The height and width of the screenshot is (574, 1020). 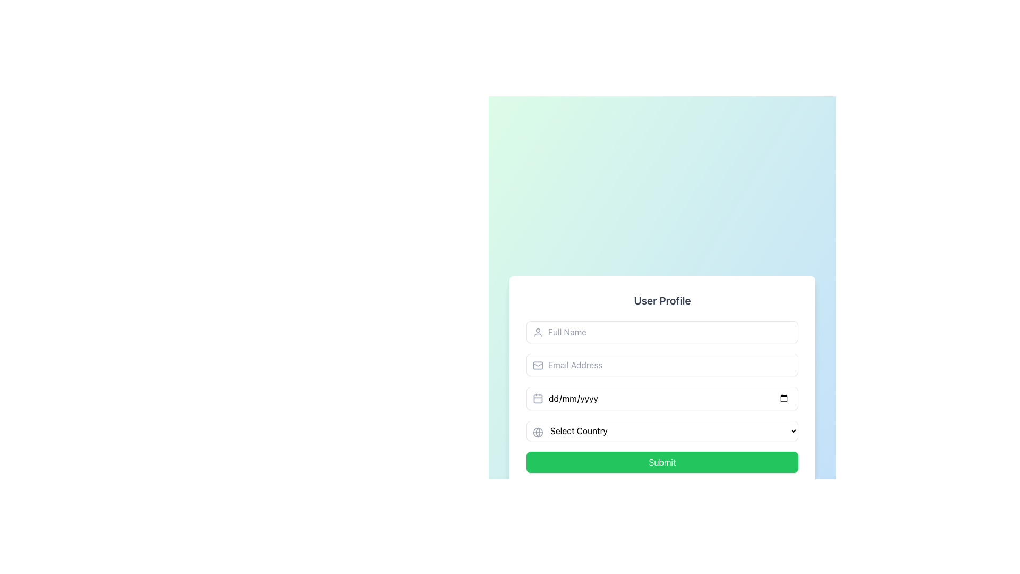 What do you see at coordinates (662, 364) in the screenshot?
I see `the email input field located below the 'Full Name' field and above the 'Date' field in the form layout` at bounding box center [662, 364].